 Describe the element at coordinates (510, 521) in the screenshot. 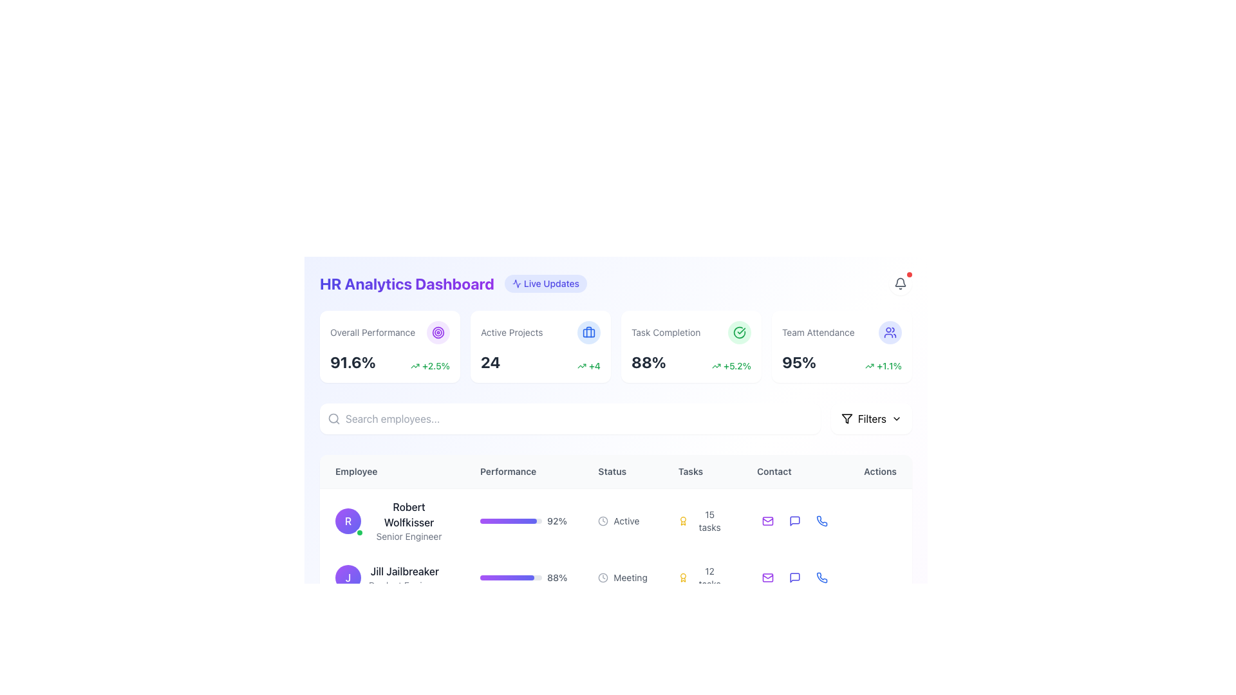

I see `the displayed percentage on the progress bar associated with employee 'Robert Wolfkisser' in the HR Analytics Dashboard` at that location.